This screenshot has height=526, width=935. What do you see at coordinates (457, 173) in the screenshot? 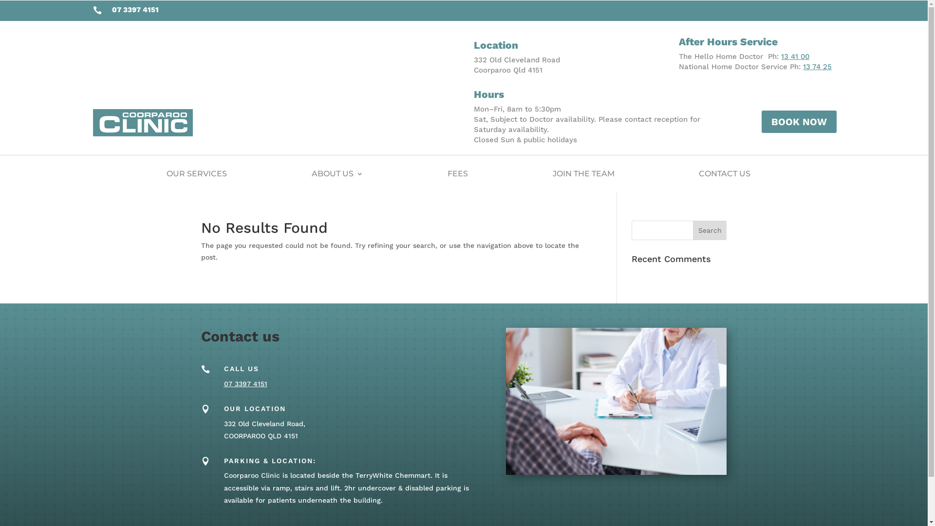
I see `'FEES'` at bounding box center [457, 173].